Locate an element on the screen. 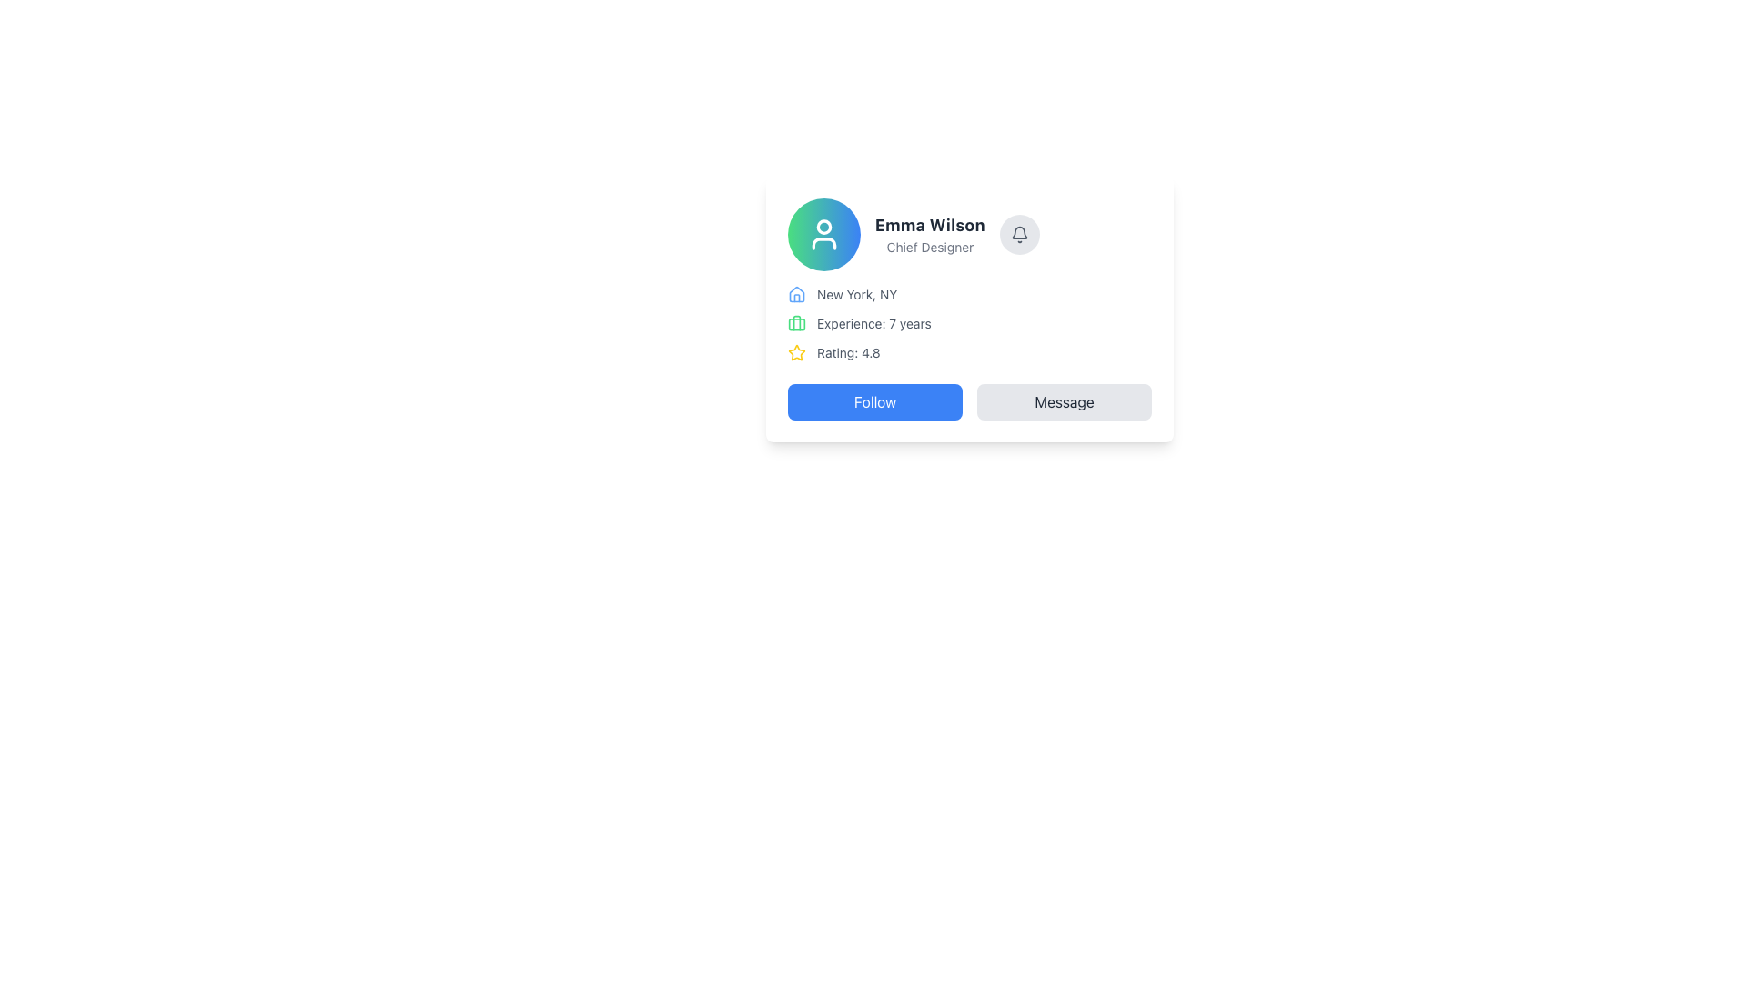 Image resolution: width=1747 pixels, height=983 pixels. the rightmost button in the two-button layout is located at coordinates (1065, 401).